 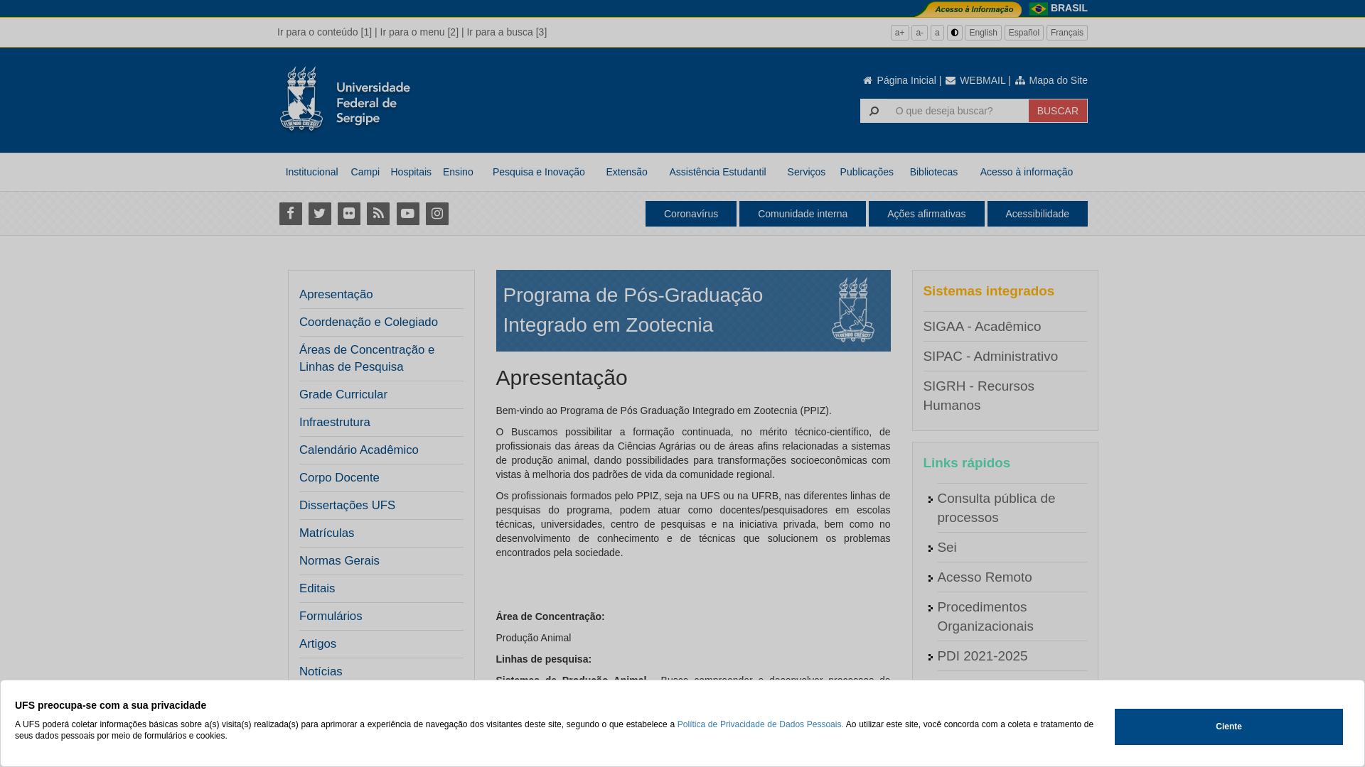 What do you see at coordinates (407, 213) in the screenshot?
I see `'Youtube'` at bounding box center [407, 213].